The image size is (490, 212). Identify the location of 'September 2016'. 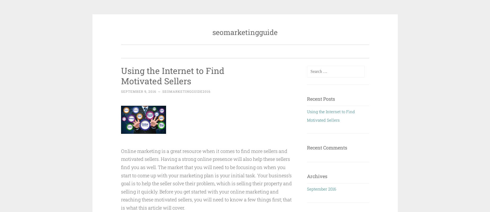
(307, 189).